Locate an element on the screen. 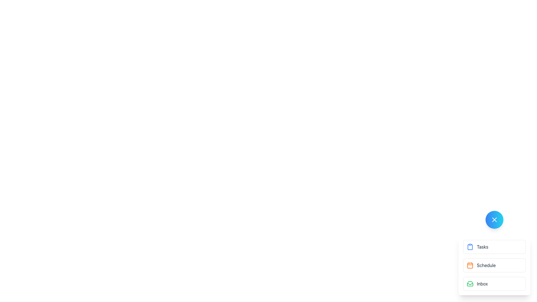  the 'Schedule' text label in the vertical menu, which is the second item from the top is located at coordinates (486, 265).